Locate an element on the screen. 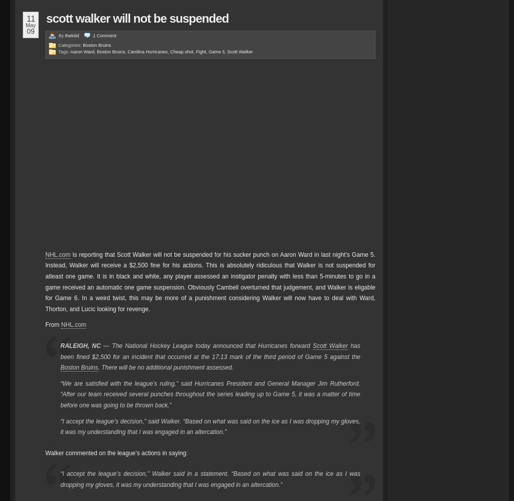 This screenshot has height=501, width=514. 'Scott Walker Will Not Be Suspended' is located at coordinates (137, 18).